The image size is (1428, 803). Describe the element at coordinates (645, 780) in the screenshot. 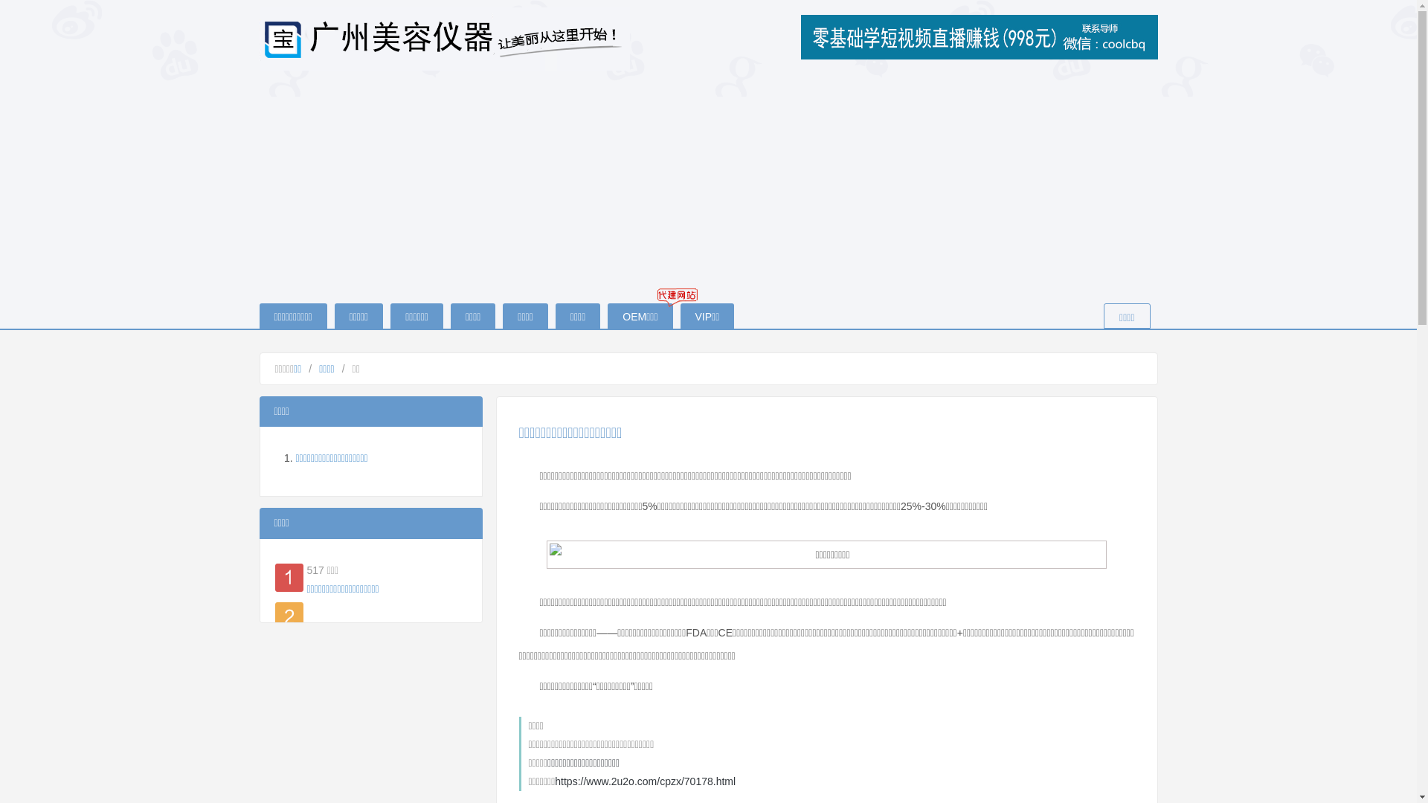

I see `'https://www.2u2o.com/cpzx/70178.html'` at that location.